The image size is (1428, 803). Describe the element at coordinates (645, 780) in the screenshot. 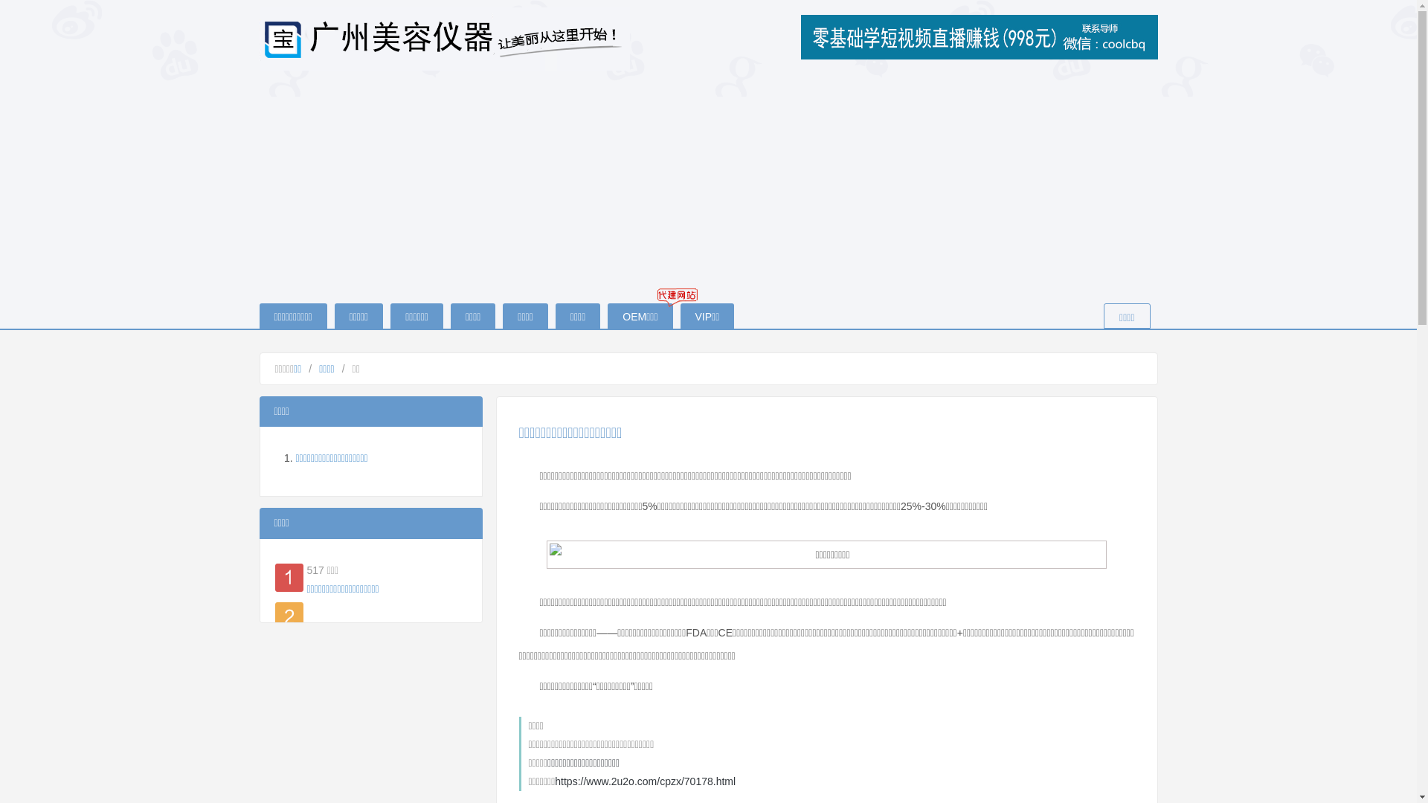

I see `'https://www.2u2o.com/cpzx/70178.html'` at that location.